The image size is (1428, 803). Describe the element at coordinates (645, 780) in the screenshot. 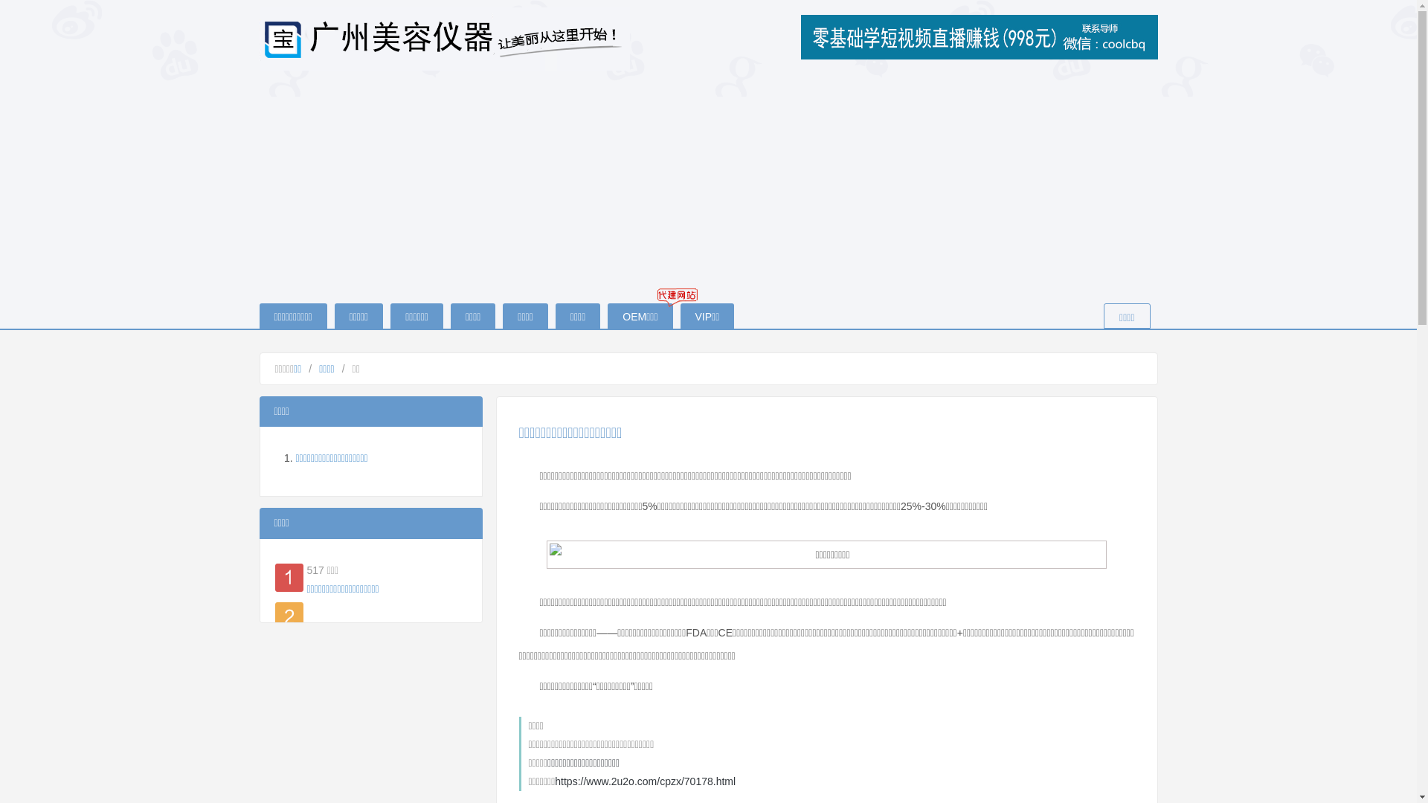

I see `'https://www.2u2o.com/cpzx/70178.html'` at that location.